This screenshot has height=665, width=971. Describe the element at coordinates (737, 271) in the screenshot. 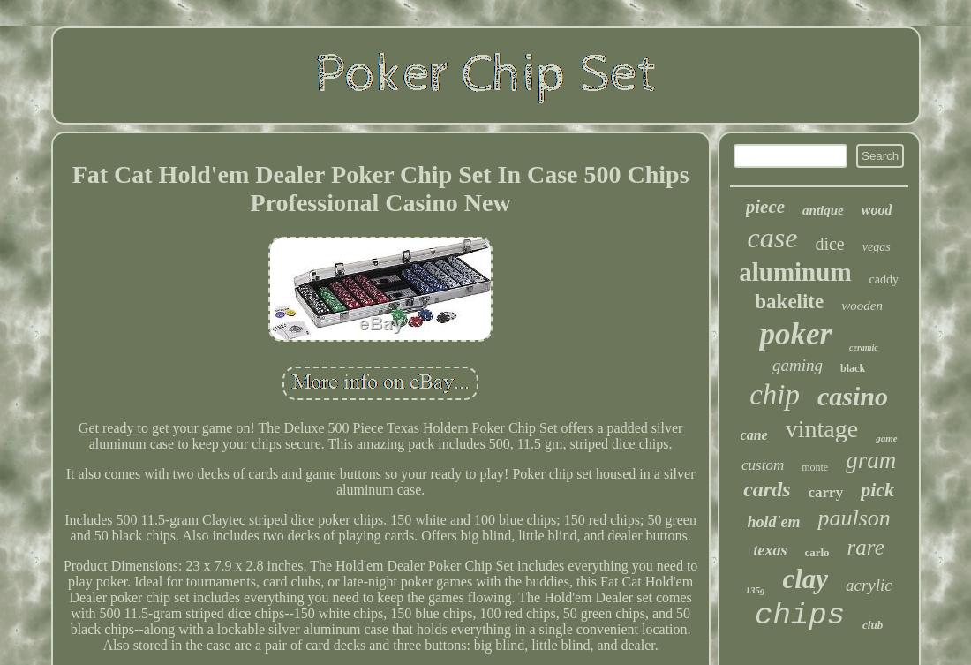

I see `'aluminum'` at that location.